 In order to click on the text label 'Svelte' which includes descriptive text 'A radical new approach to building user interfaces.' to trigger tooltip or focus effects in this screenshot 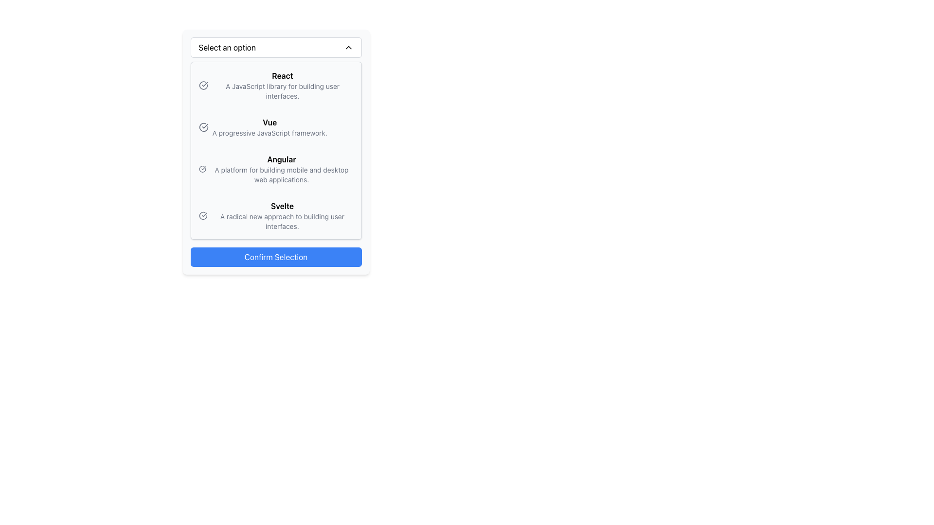, I will do `click(282, 215)`.